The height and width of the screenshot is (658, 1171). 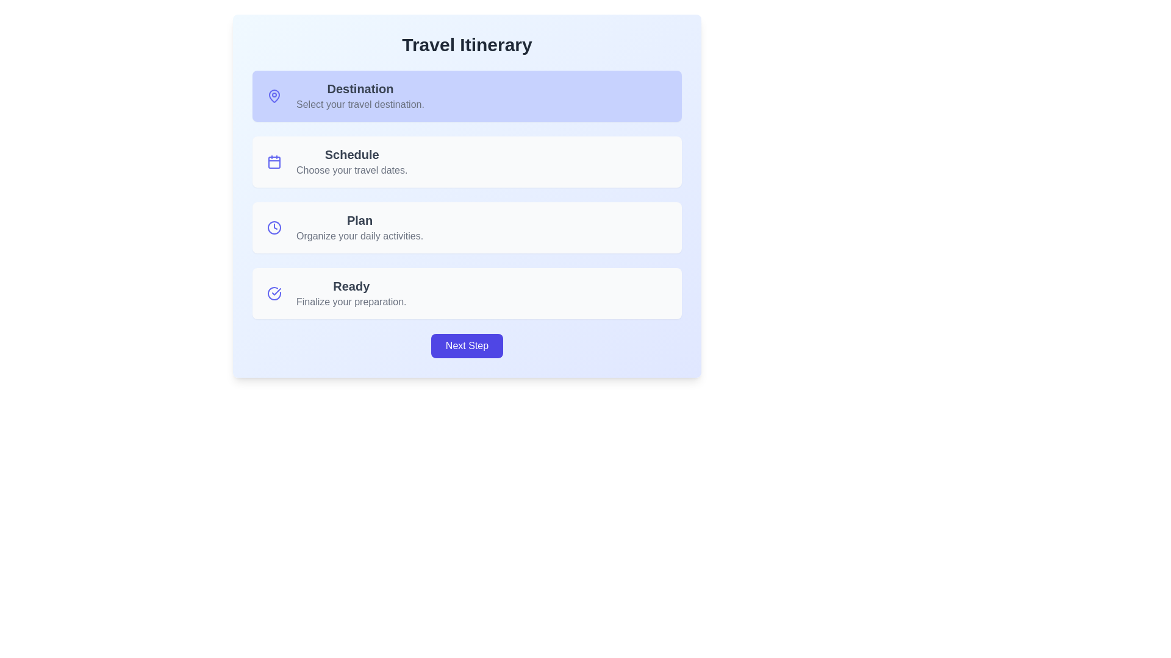 What do you see at coordinates (351, 171) in the screenshot?
I see `the gray text label reading 'Choose your travel dates.' which is located beneath the heading 'Schedule' in the second card of the vertically arranged list of cards` at bounding box center [351, 171].